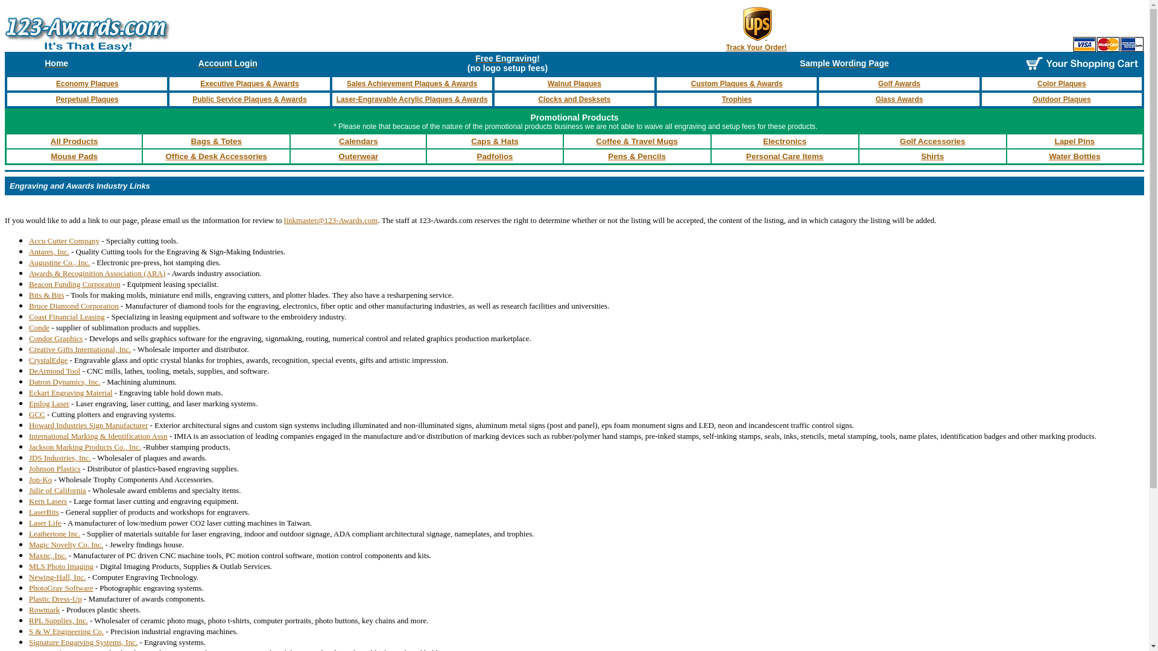 Image resolution: width=1158 pixels, height=651 pixels. What do you see at coordinates (756, 46) in the screenshot?
I see `'Track Your Order!'` at bounding box center [756, 46].